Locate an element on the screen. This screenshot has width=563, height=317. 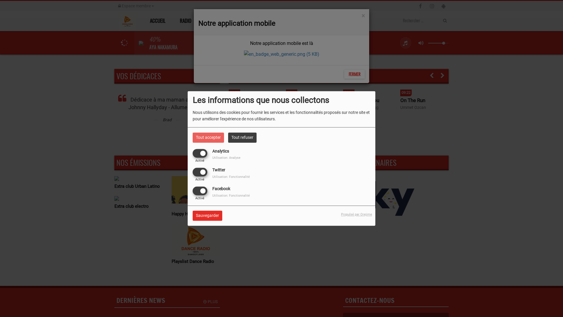
'Espace membre' is located at coordinates (136, 6).